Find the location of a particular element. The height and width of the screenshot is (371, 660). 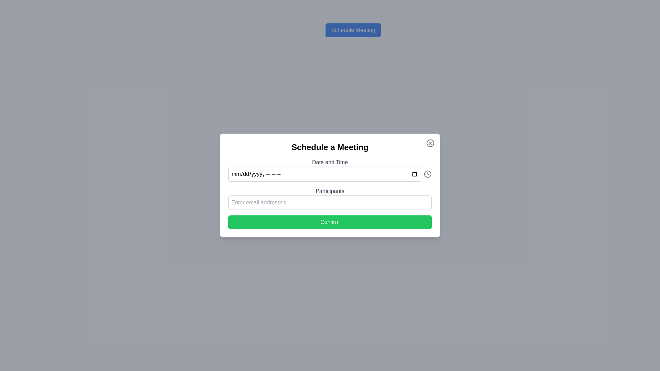

the text label indicating the required input type for participants, which is centrally located above the input field with the placeholder 'Enter email addresses' is located at coordinates (330, 191).